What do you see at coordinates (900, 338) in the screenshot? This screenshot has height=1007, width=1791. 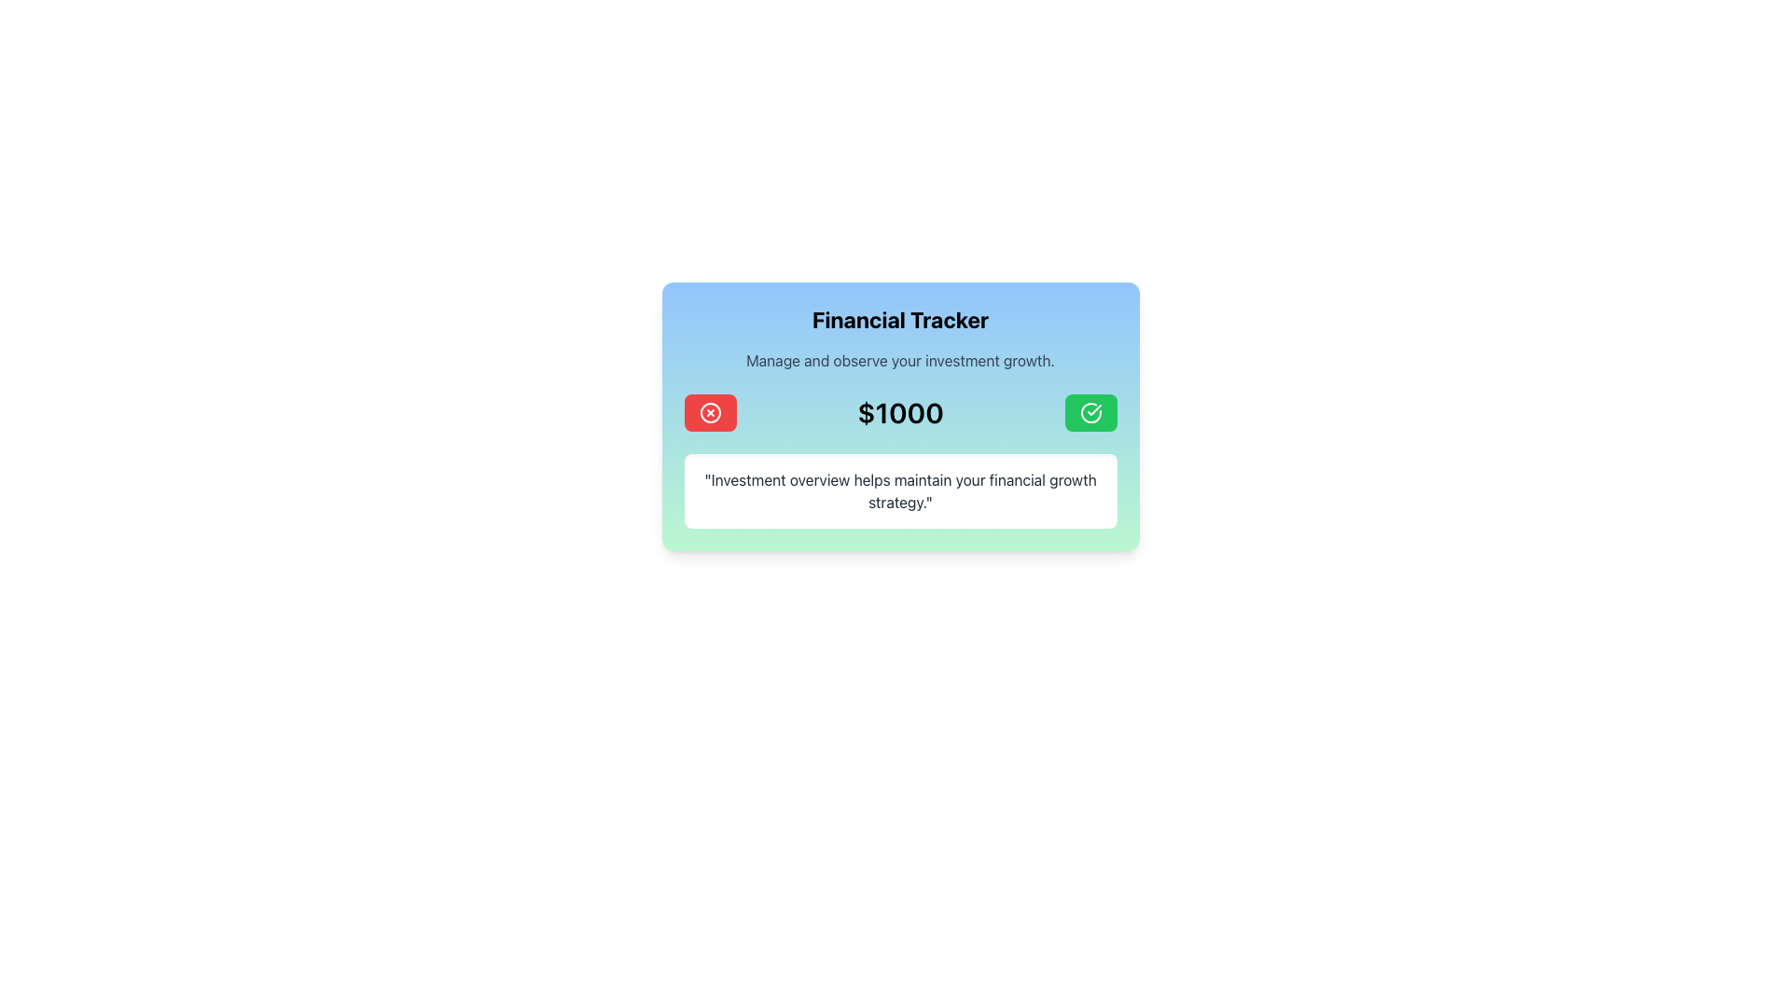 I see `the central text block titled 'Financial Tracker'` at bounding box center [900, 338].